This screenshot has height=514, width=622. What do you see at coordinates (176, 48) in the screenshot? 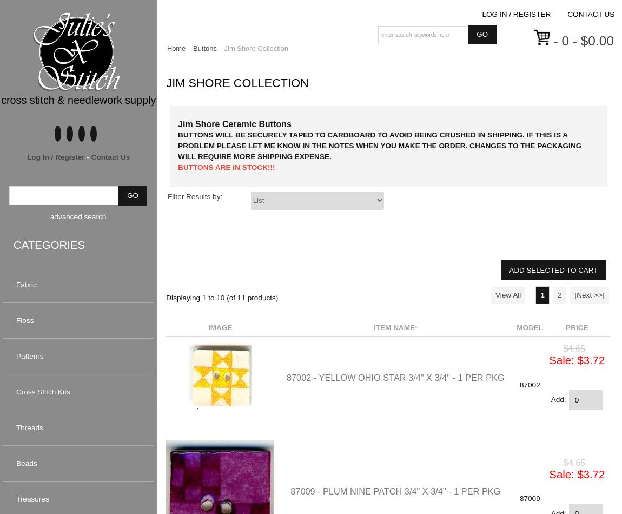
I see `'Home'` at bounding box center [176, 48].